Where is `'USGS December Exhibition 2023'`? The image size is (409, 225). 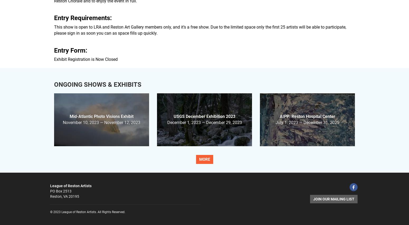
'USGS December Exhibition 2023' is located at coordinates (204, 116).